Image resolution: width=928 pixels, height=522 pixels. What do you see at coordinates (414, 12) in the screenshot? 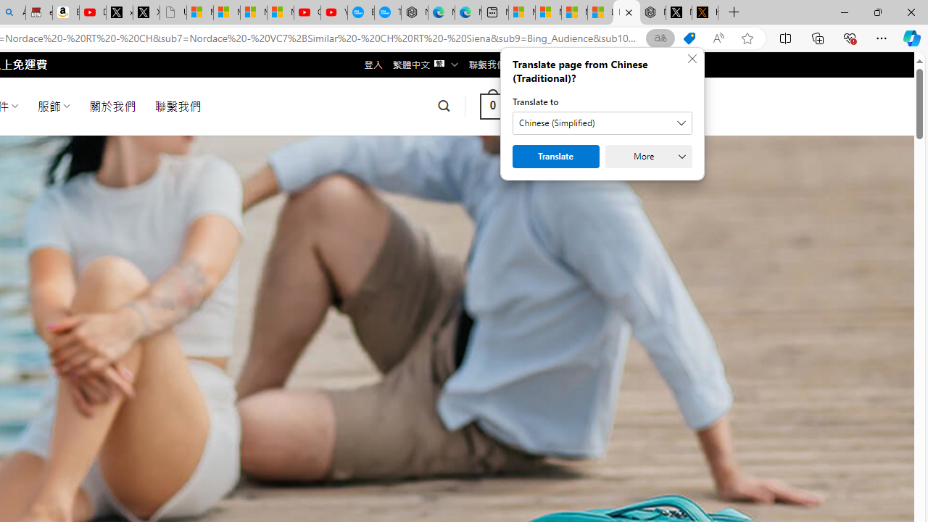
I see `'Nordace - Nordace has arrived Hong Kong'` at bounding box center [414, 12].